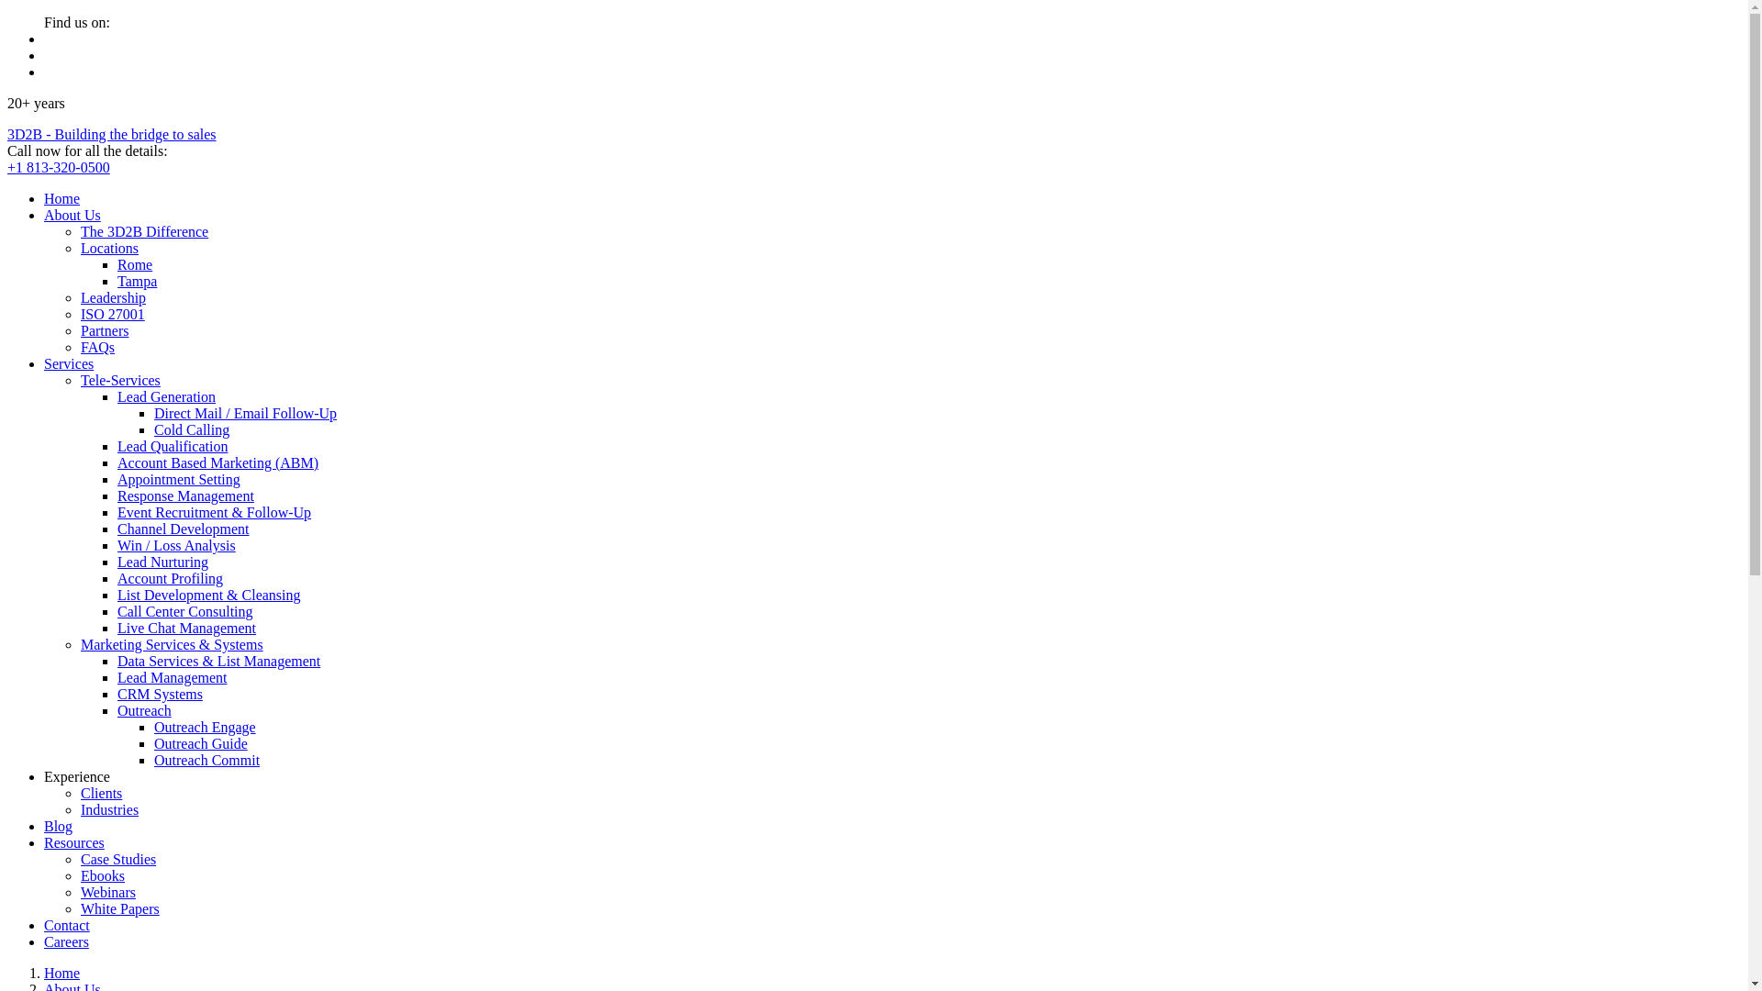 This screenshot has height=991, width=1762. I want to click on 'Call Center Consulting', so click(184, 611).